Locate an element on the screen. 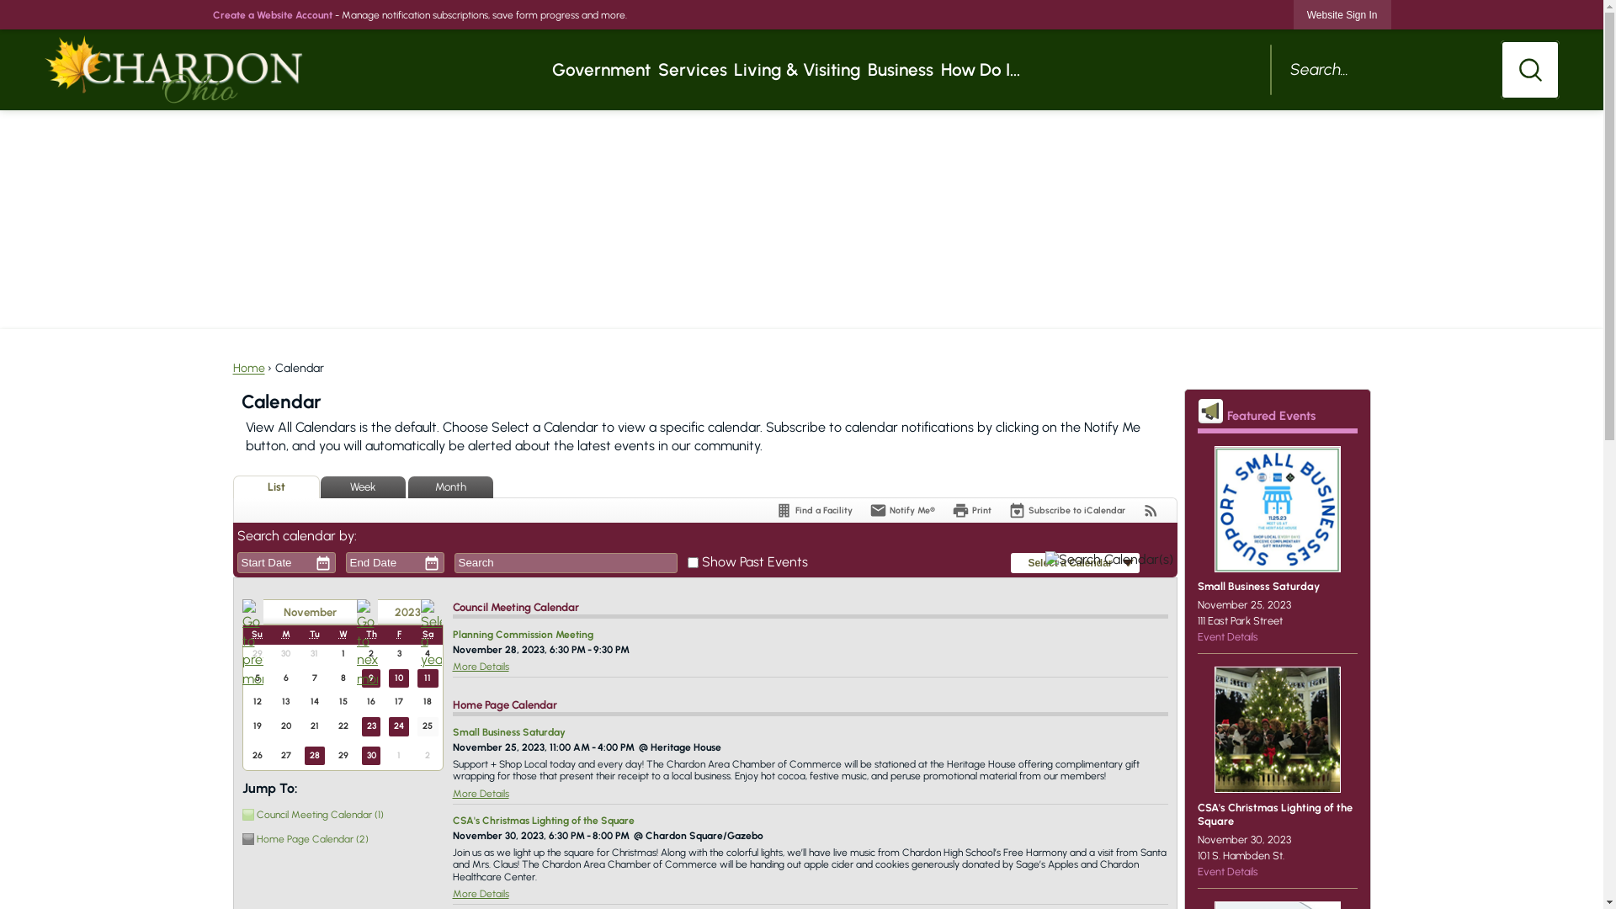  'End Date' is located at coordinates (380, 562).